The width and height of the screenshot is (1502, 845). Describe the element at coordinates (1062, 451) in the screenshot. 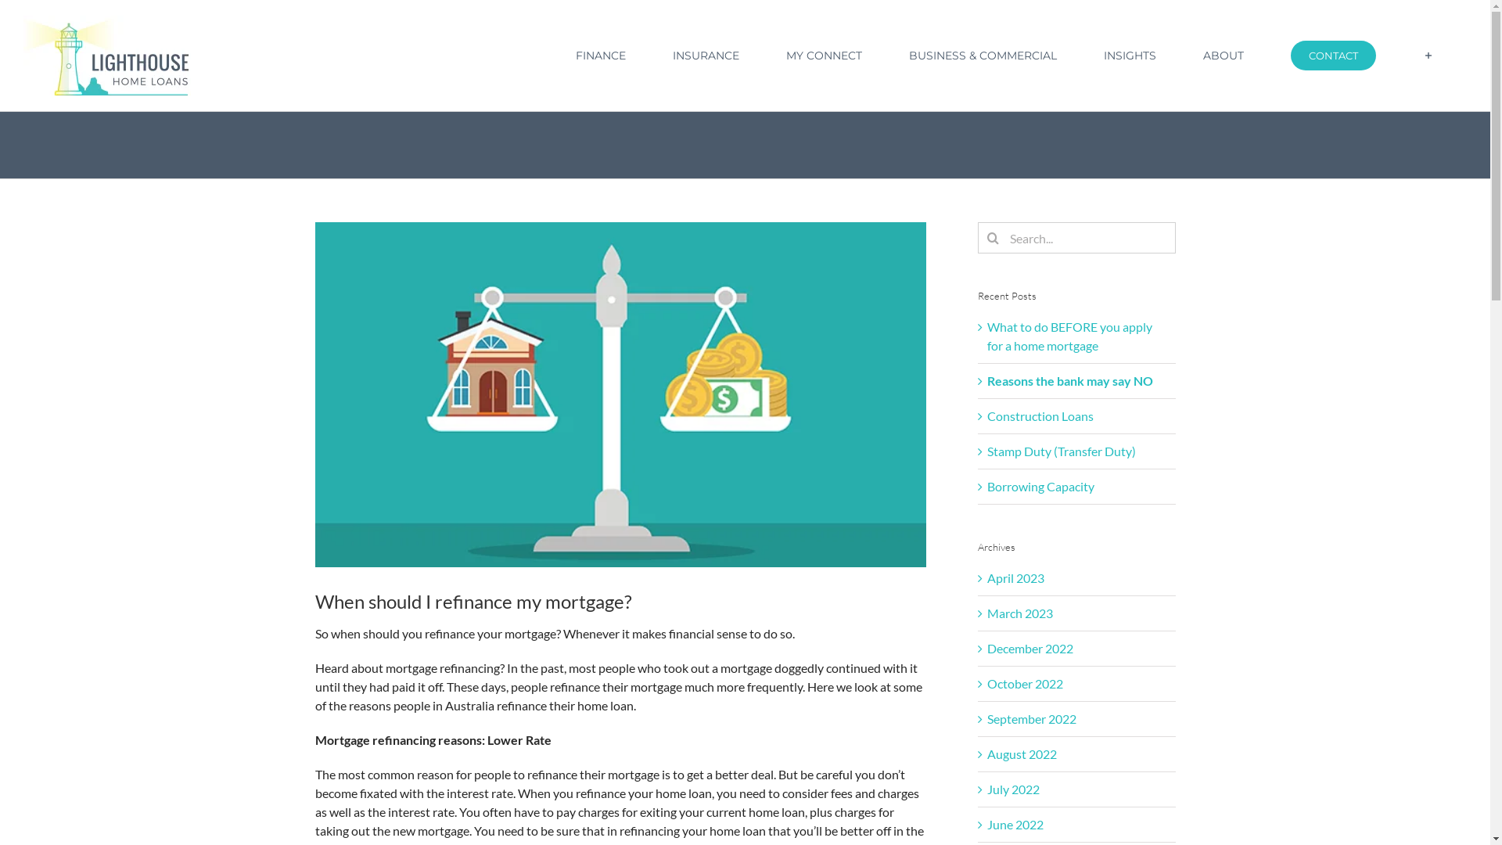

I see `'Stamp Duty (Transfer Duty)'` at that location.